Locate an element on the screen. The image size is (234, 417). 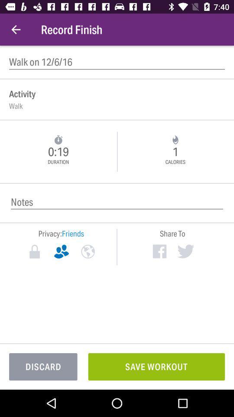
the lock icon is located at coordinates (34, 252).